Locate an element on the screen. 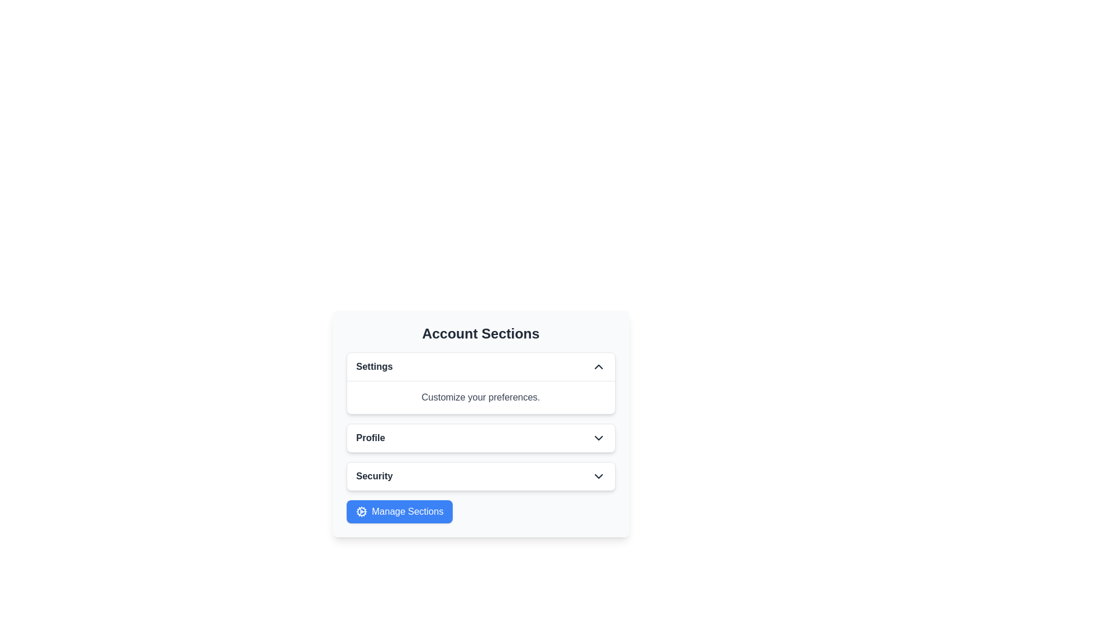 This screenshot has width=1113, height=626. the 'Profile' button located in the 'Account Sections' below 'Settings' and above 'Security' is located at coordinates (481, 438).